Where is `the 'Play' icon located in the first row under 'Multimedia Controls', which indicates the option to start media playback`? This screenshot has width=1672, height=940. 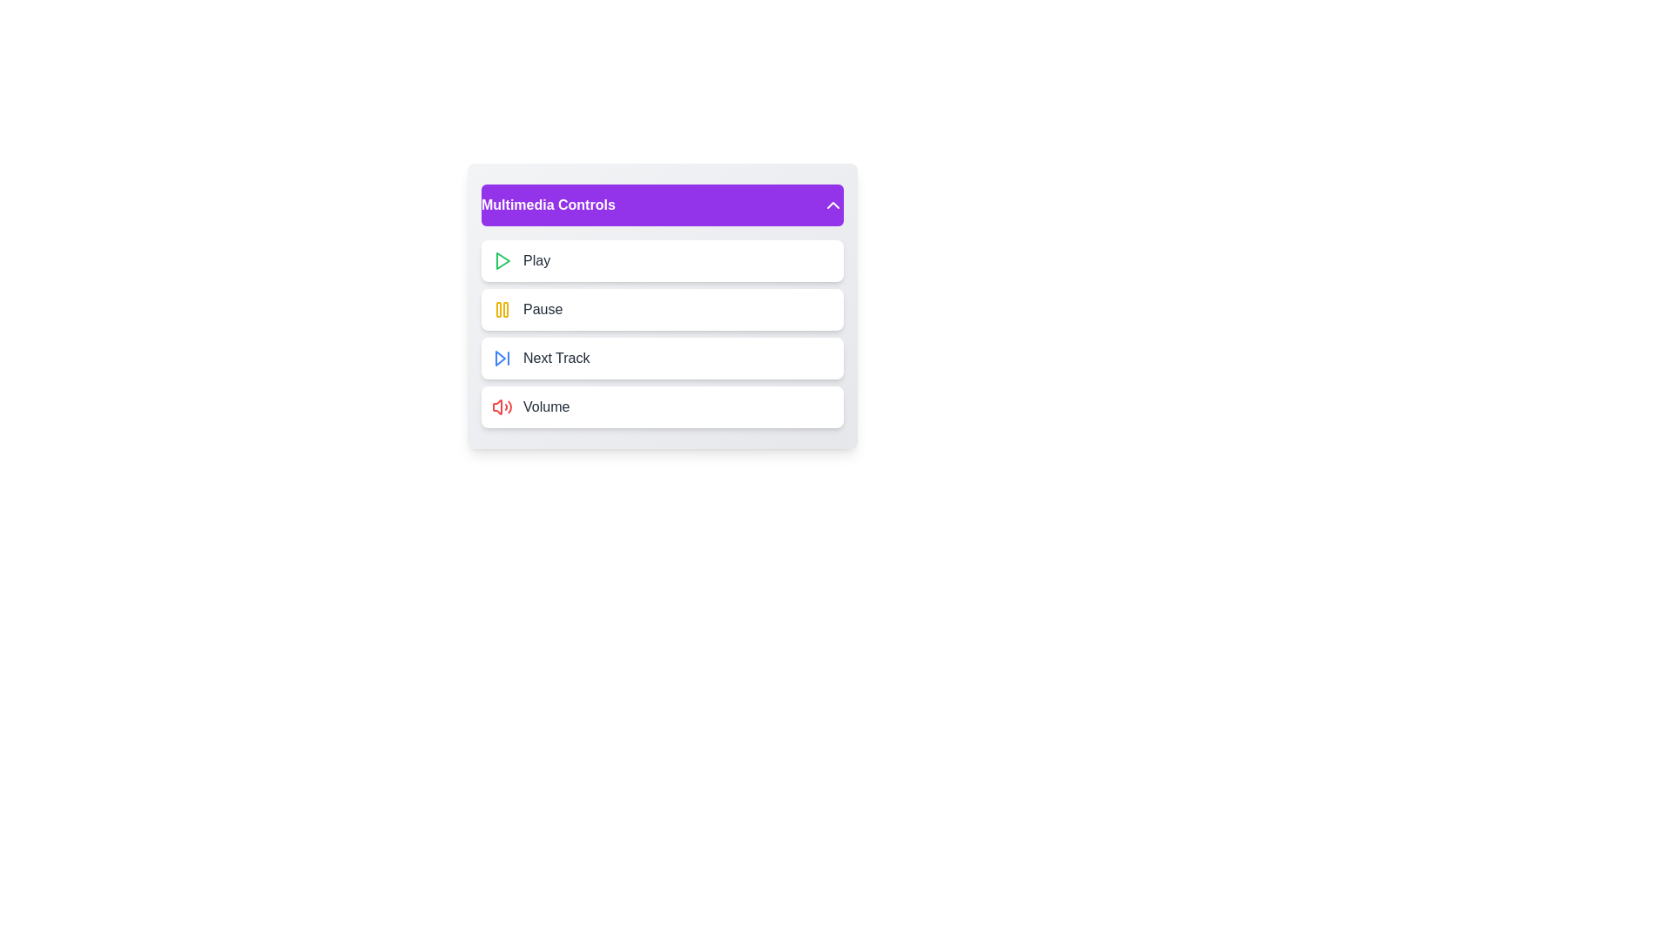
the 'Play' icon located in the first row under 'Multimedia Controls', which indicates the option to start media playback is located at coordinates (502, 261).